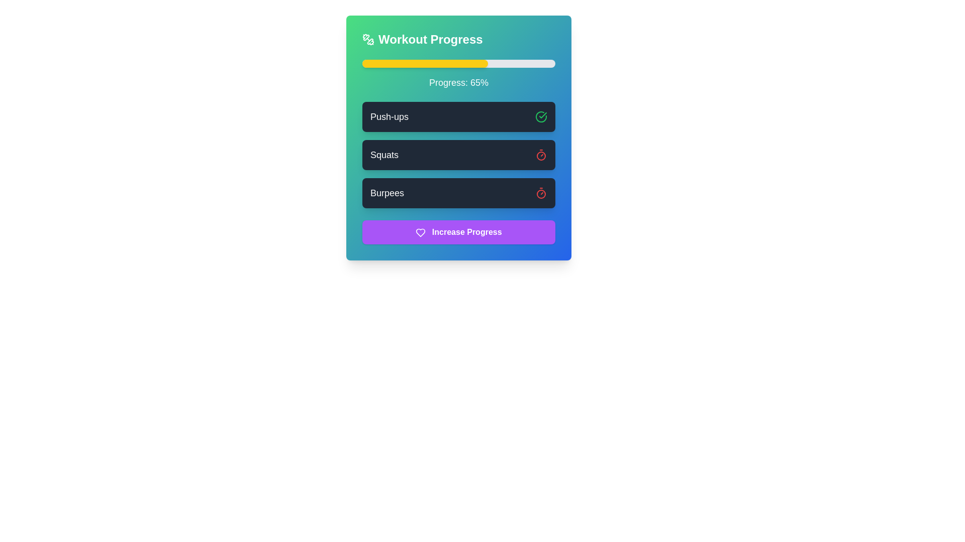 Image resolution: width=965 pixels, height=542 pixels. Describe the element at coordinates (540, 116) in the screenshot. I see `the visual completion status represented by the left segment of the circular check icon next to the 'Push-ups' label in the workout progress task list` at that location.